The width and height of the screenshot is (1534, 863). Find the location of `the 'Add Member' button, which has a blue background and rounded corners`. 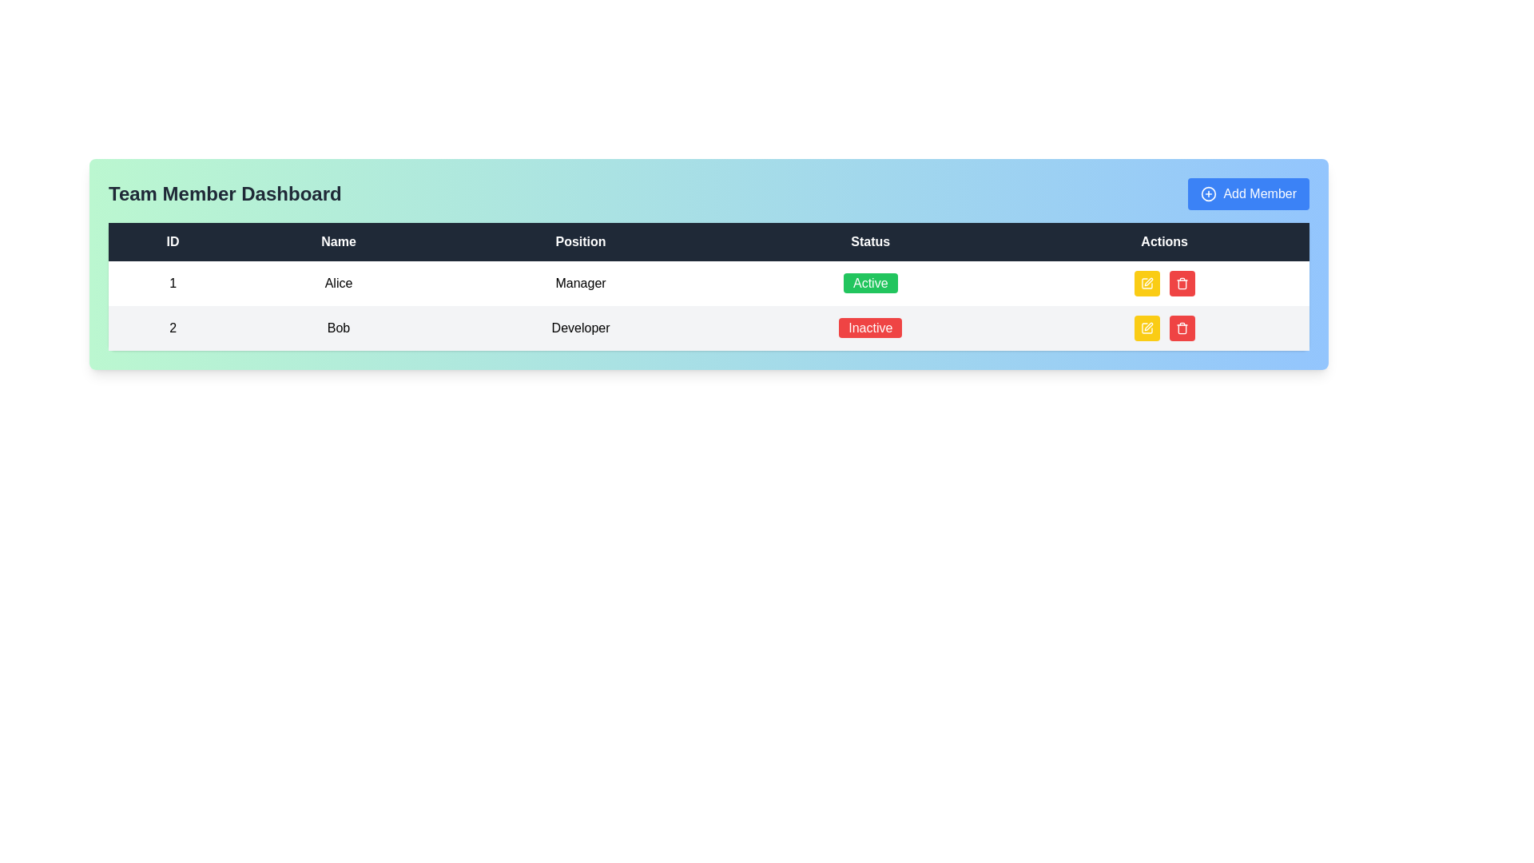

the 'Add Member' button, which has a blue background and rounded corners is located at coordinates (1248, 193).